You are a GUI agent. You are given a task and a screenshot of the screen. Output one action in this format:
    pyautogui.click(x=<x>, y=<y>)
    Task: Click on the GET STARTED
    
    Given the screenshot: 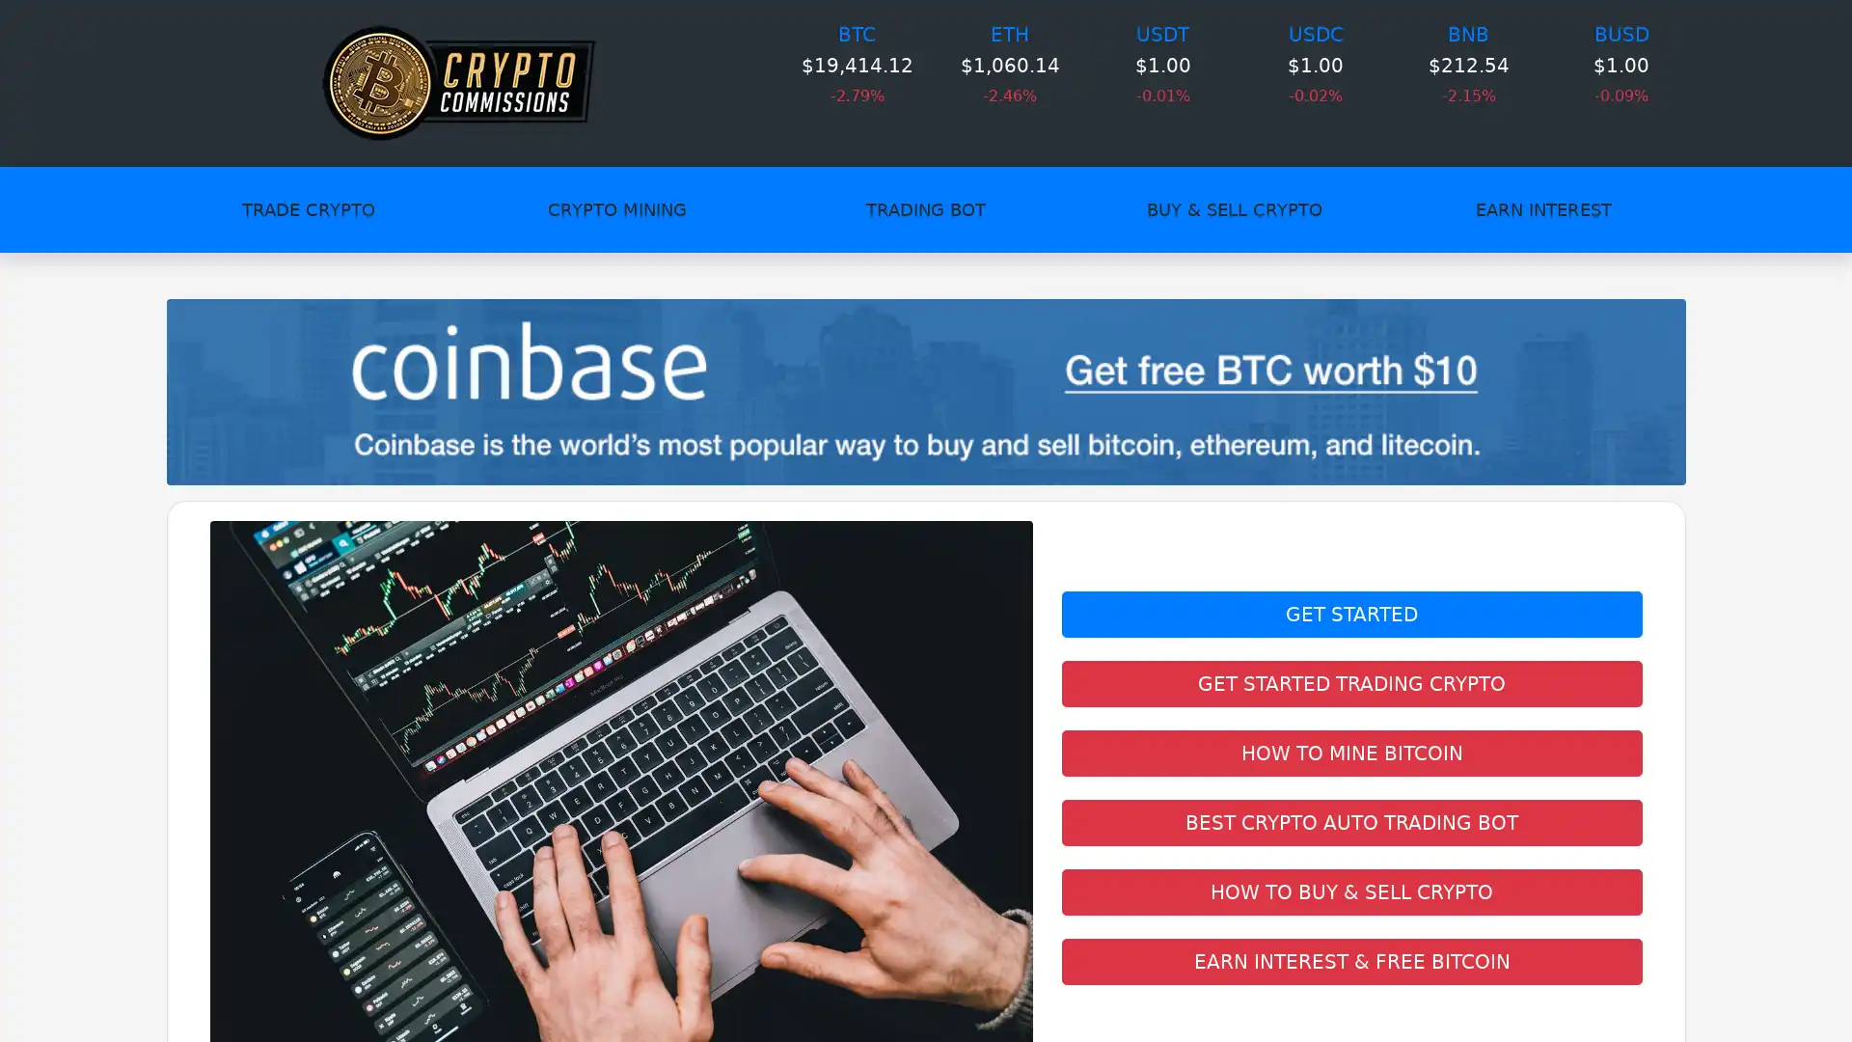 What is the action you would take?
    pyautogui.click(x=1350, y=614)
    